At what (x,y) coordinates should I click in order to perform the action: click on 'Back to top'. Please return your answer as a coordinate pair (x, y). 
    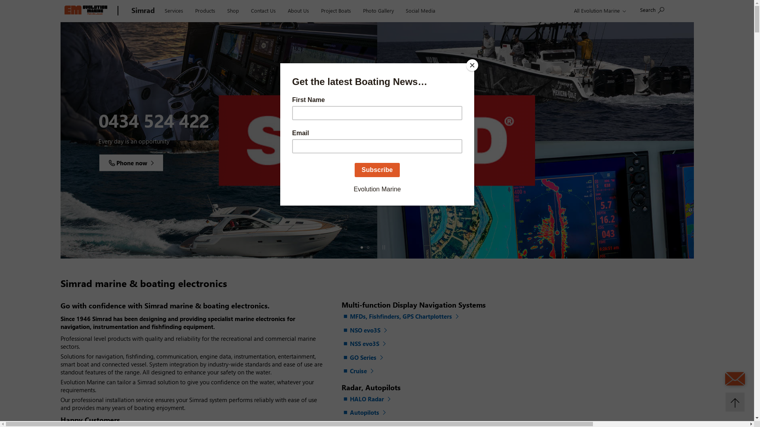
    Looking at the image, I should click on (735, 402).